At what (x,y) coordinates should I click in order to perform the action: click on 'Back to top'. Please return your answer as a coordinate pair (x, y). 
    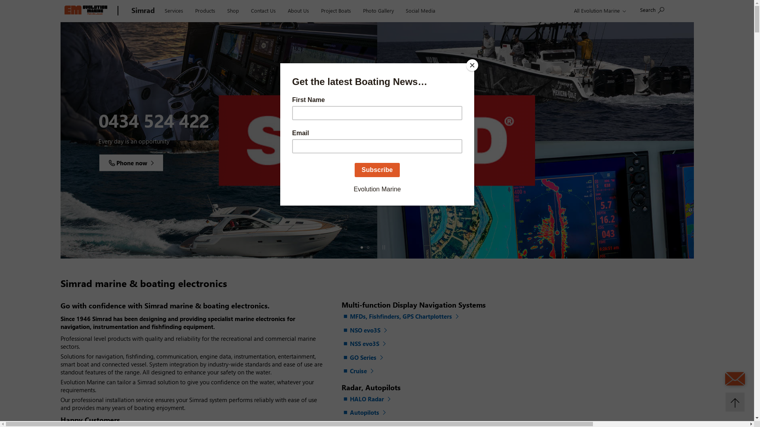
    Looking at the image, I should click on (735, 402).